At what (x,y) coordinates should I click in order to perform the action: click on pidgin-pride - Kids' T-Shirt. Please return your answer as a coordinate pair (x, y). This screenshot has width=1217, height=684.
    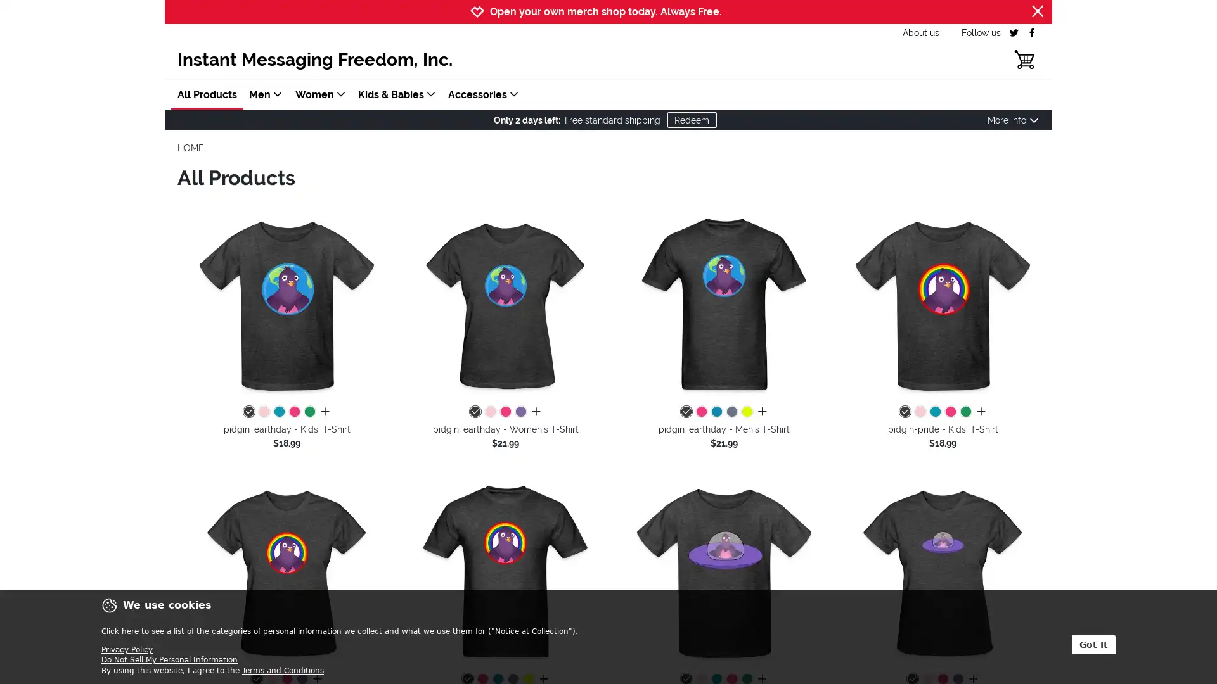
    Looking at the image, I should click on (943, 305).